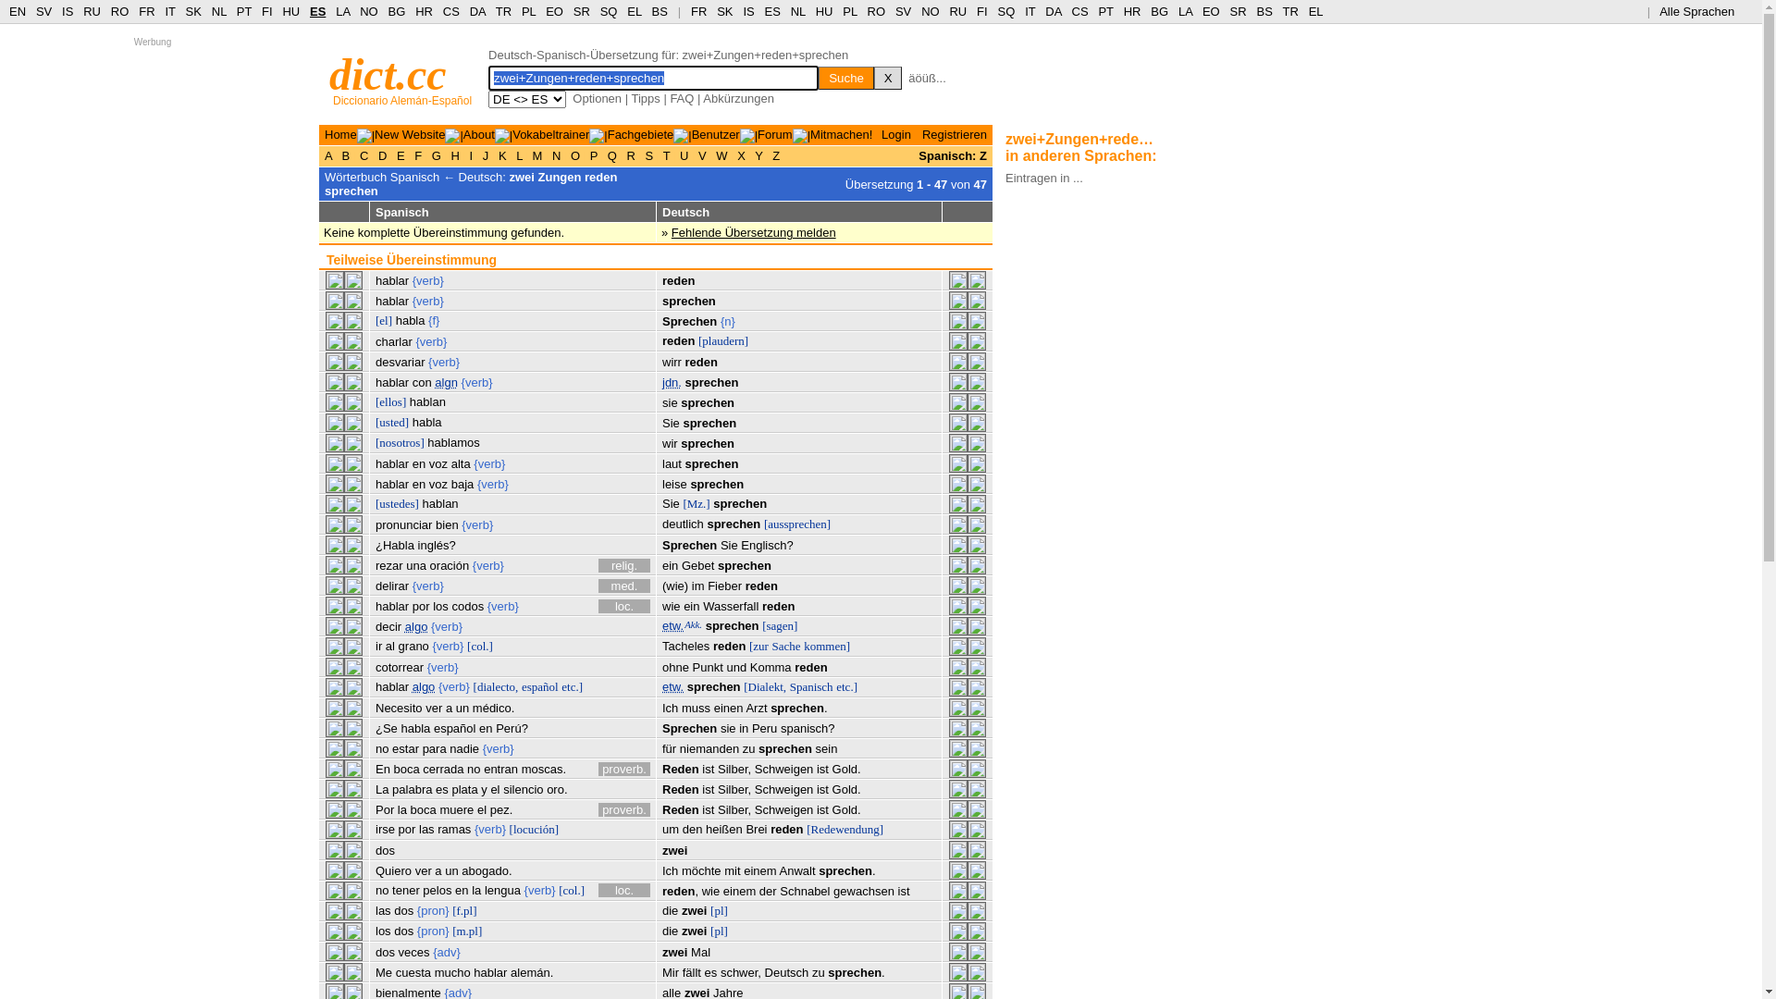  Describe the element at coordinates (479, 727) in the screenshot. I see `'en'` at that location.